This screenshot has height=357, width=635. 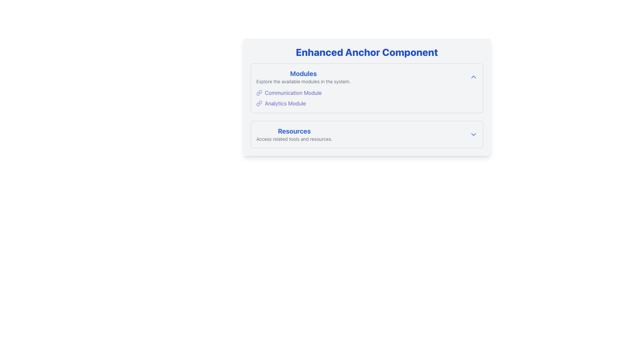 What do you see at coordinates (303, 76) in the screenshot?
I see `the section header element titled 'Modules' which provides a description about available modules in the system` at bounding box center [303, 76].